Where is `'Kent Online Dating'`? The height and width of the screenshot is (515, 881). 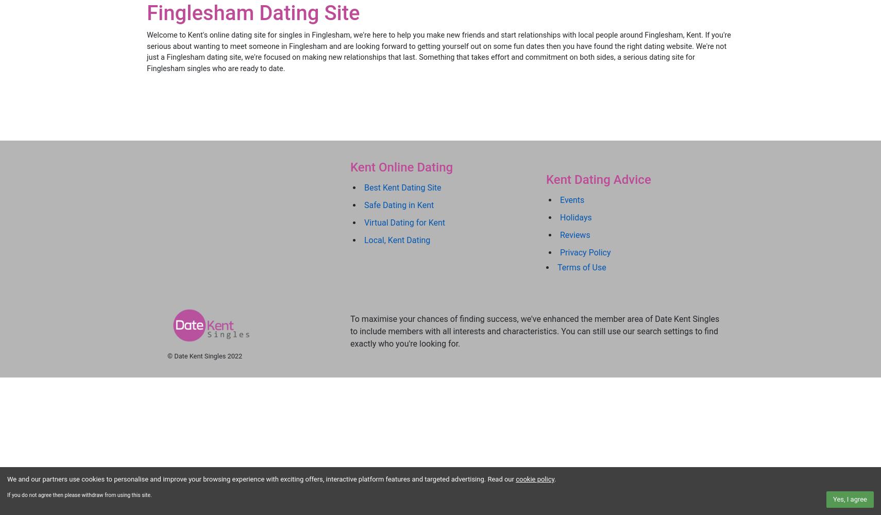
'Kent Online Dating' is located at coordinates (401, 167).